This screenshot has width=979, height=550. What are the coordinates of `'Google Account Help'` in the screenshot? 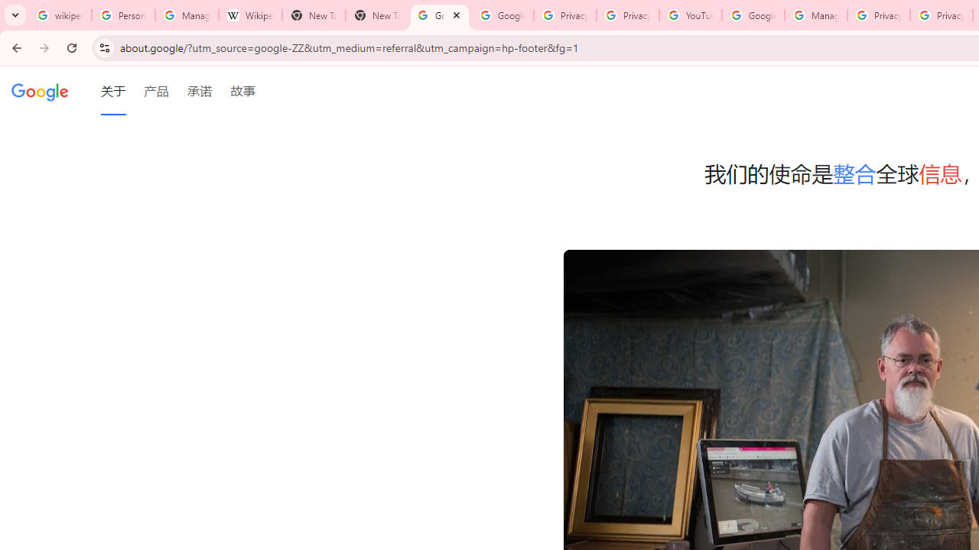 It's located at (753, 15).